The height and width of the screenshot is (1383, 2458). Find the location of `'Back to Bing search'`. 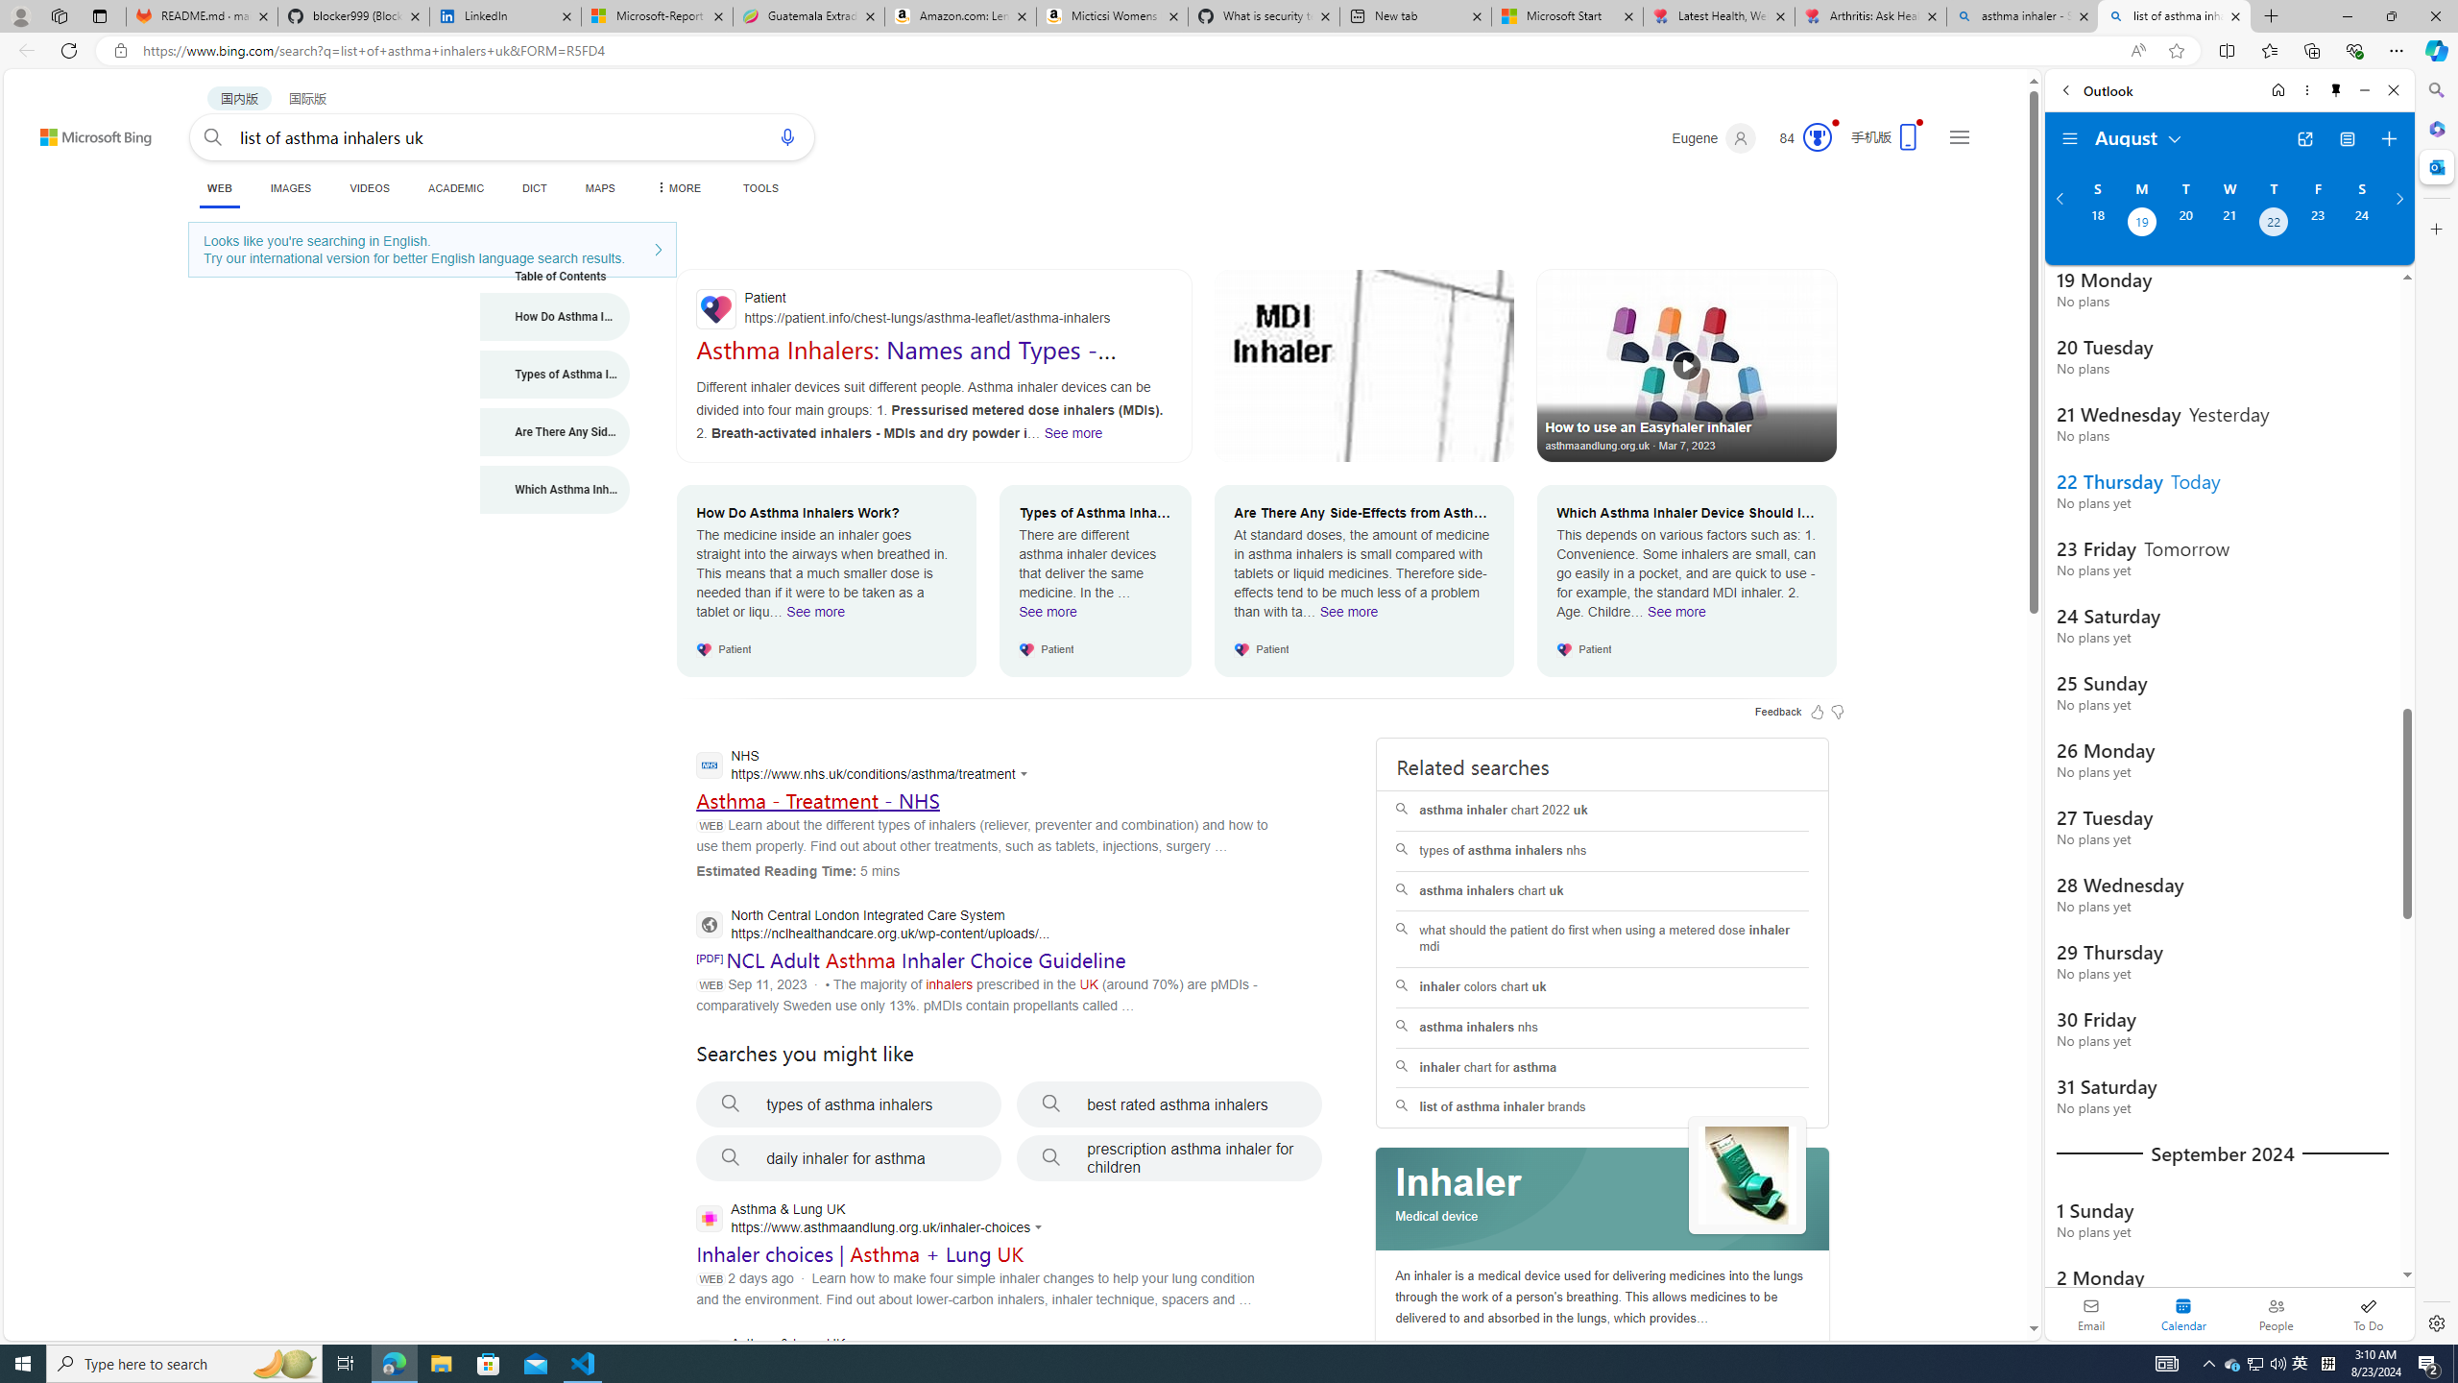

'Back to Bing search' is located at coordinates (84, 132).